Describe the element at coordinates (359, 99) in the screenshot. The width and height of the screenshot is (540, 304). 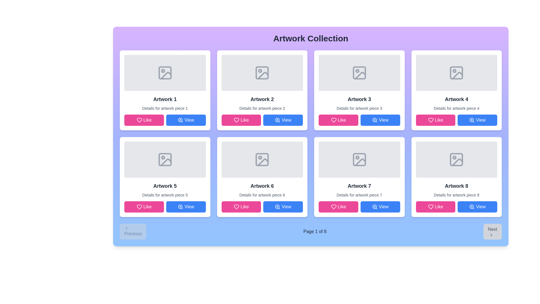
I see `the bold text label reading 'Artwork 3' located at the top of the third card in the first row of a grid of artwork items` at that location.